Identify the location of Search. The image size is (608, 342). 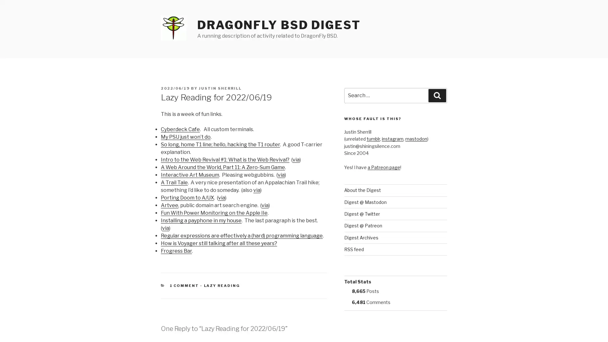
(437, 95).